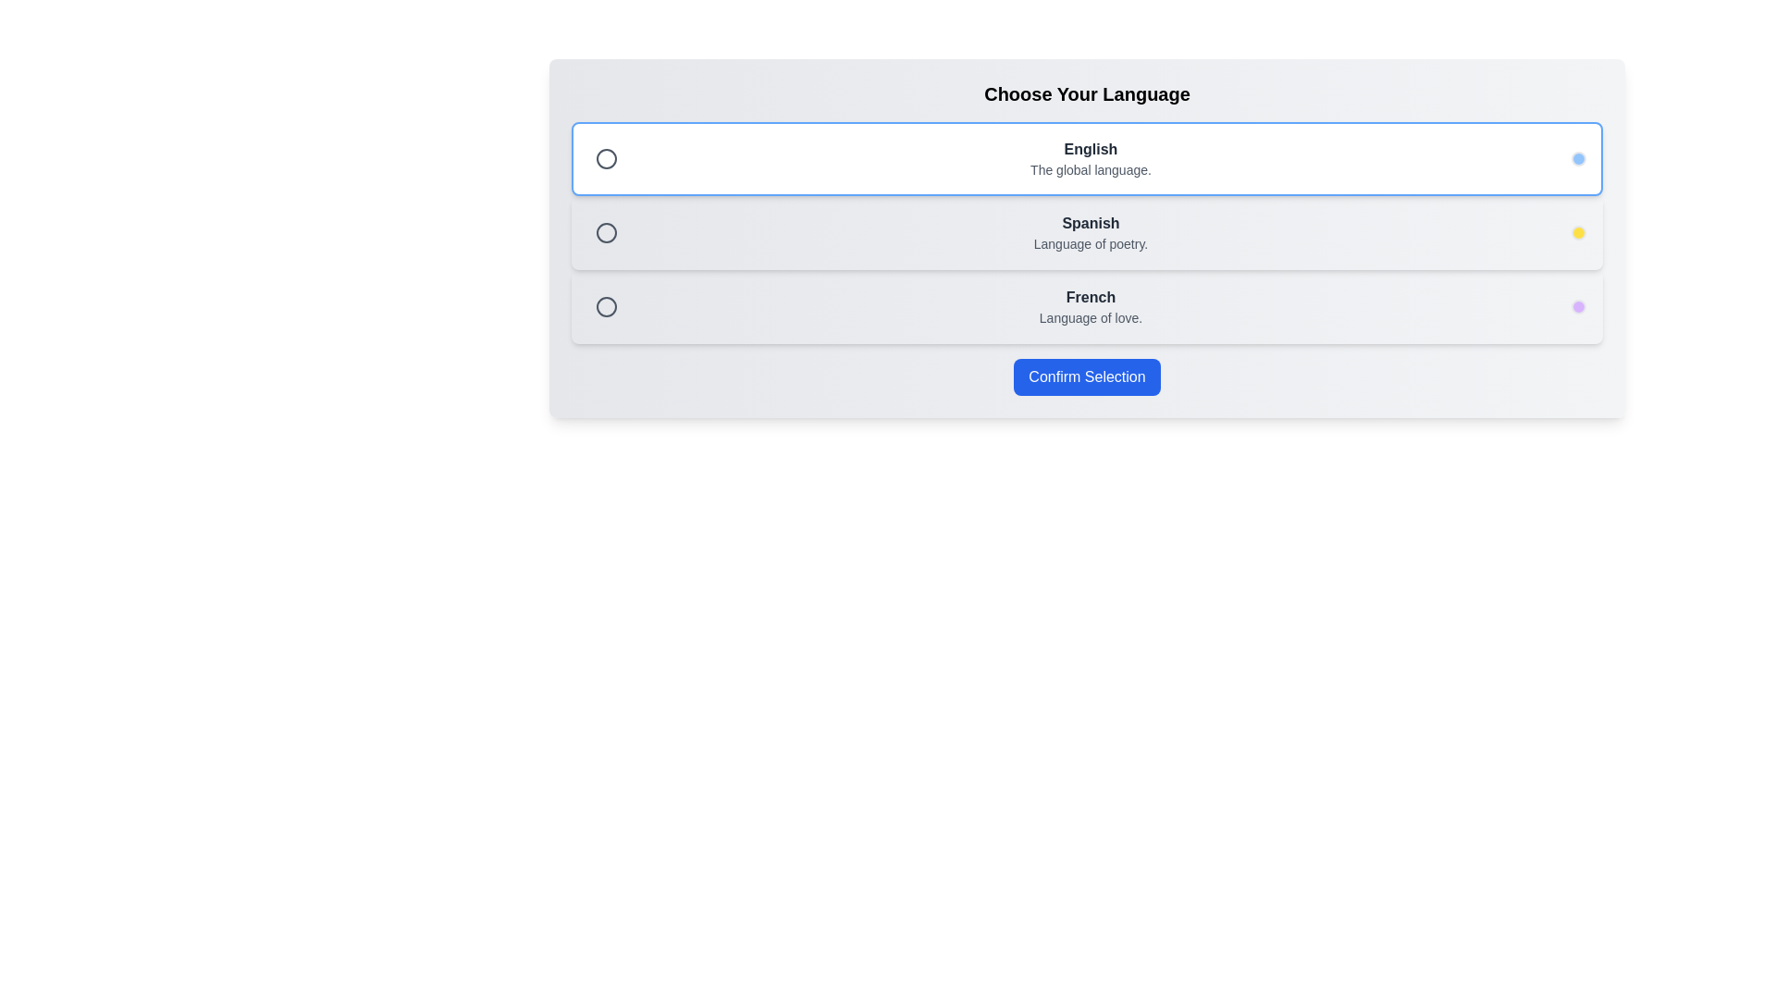 This screenshot has height=999, width=1776. I want to click on the text label 'French', which identifies the selectable list option for the French language, positioned above the 'Confirm Selection' button, so click(1091, 296).